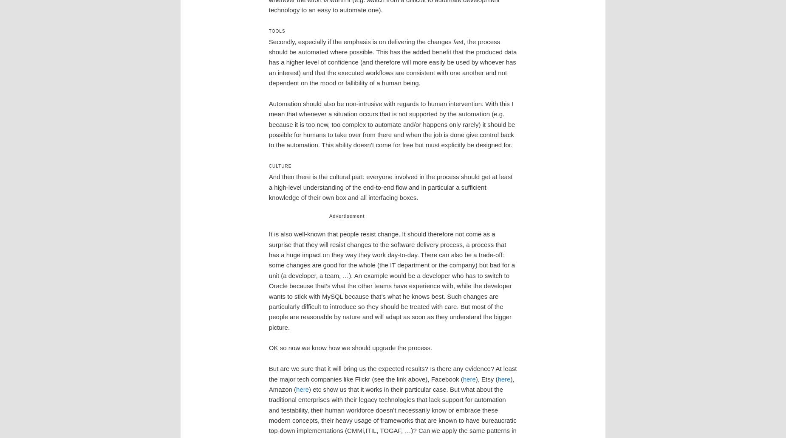 This screenshot has width=786, height=438. Describe the element at coordinates (361, 41) in the screenshot. I see `'Secondly, especially if the emphasis is on delivering the changes'` at that location.